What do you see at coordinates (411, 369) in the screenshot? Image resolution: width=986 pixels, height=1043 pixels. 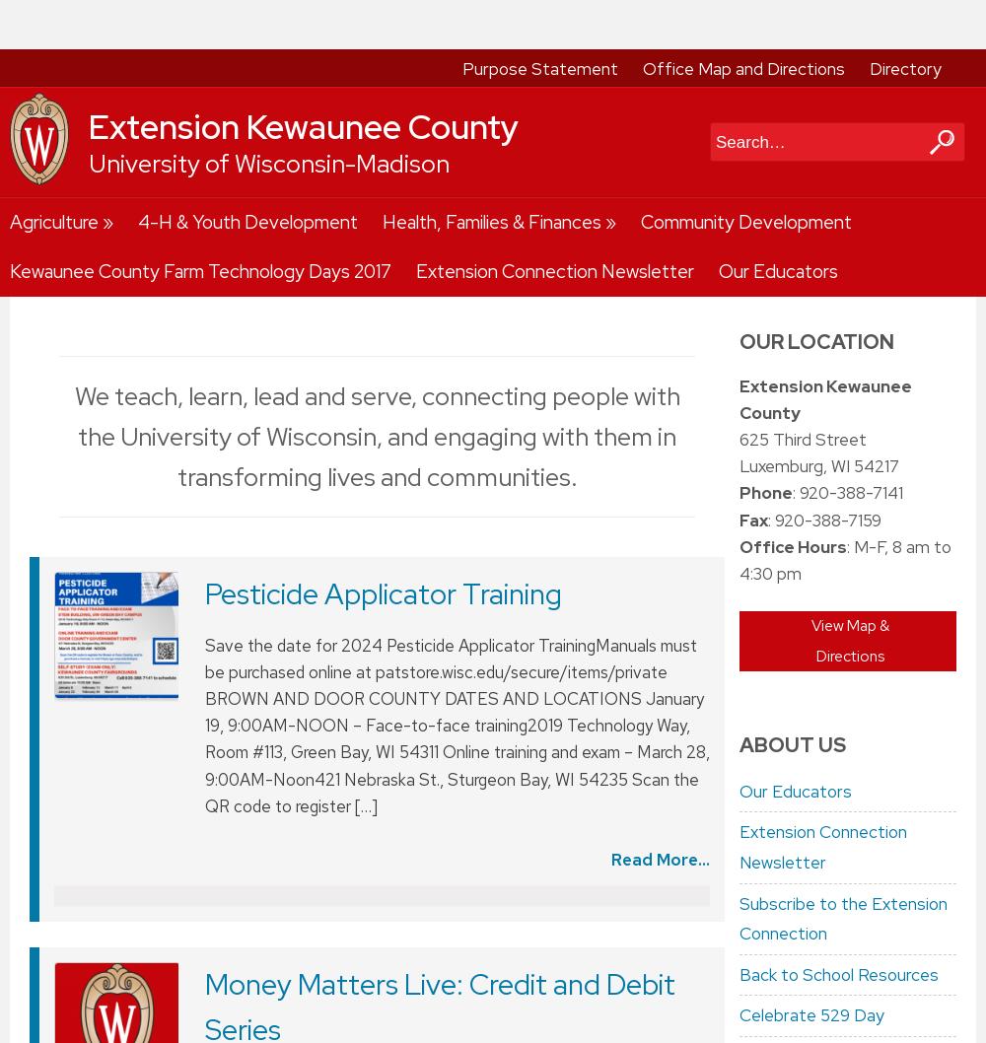 I see `'Extension Kewaunee County Co-Parenting Classes'` at bounding box center [411, 369].